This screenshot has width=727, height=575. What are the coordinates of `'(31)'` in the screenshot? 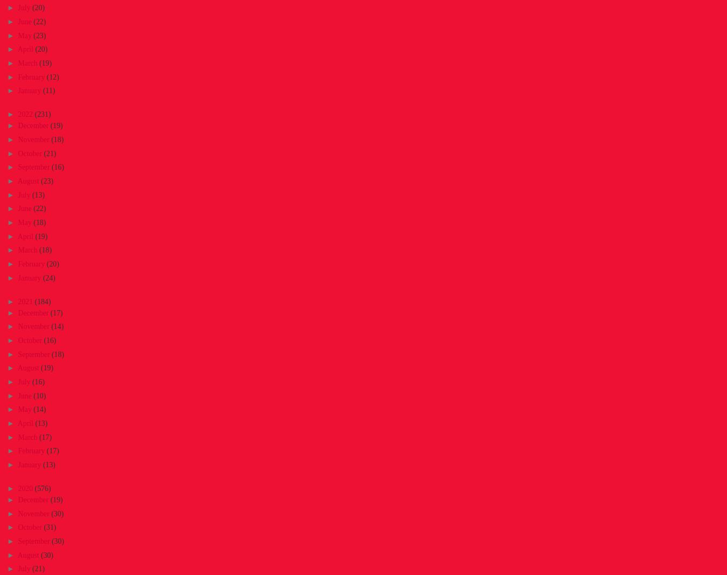 It's located at (43, 527).